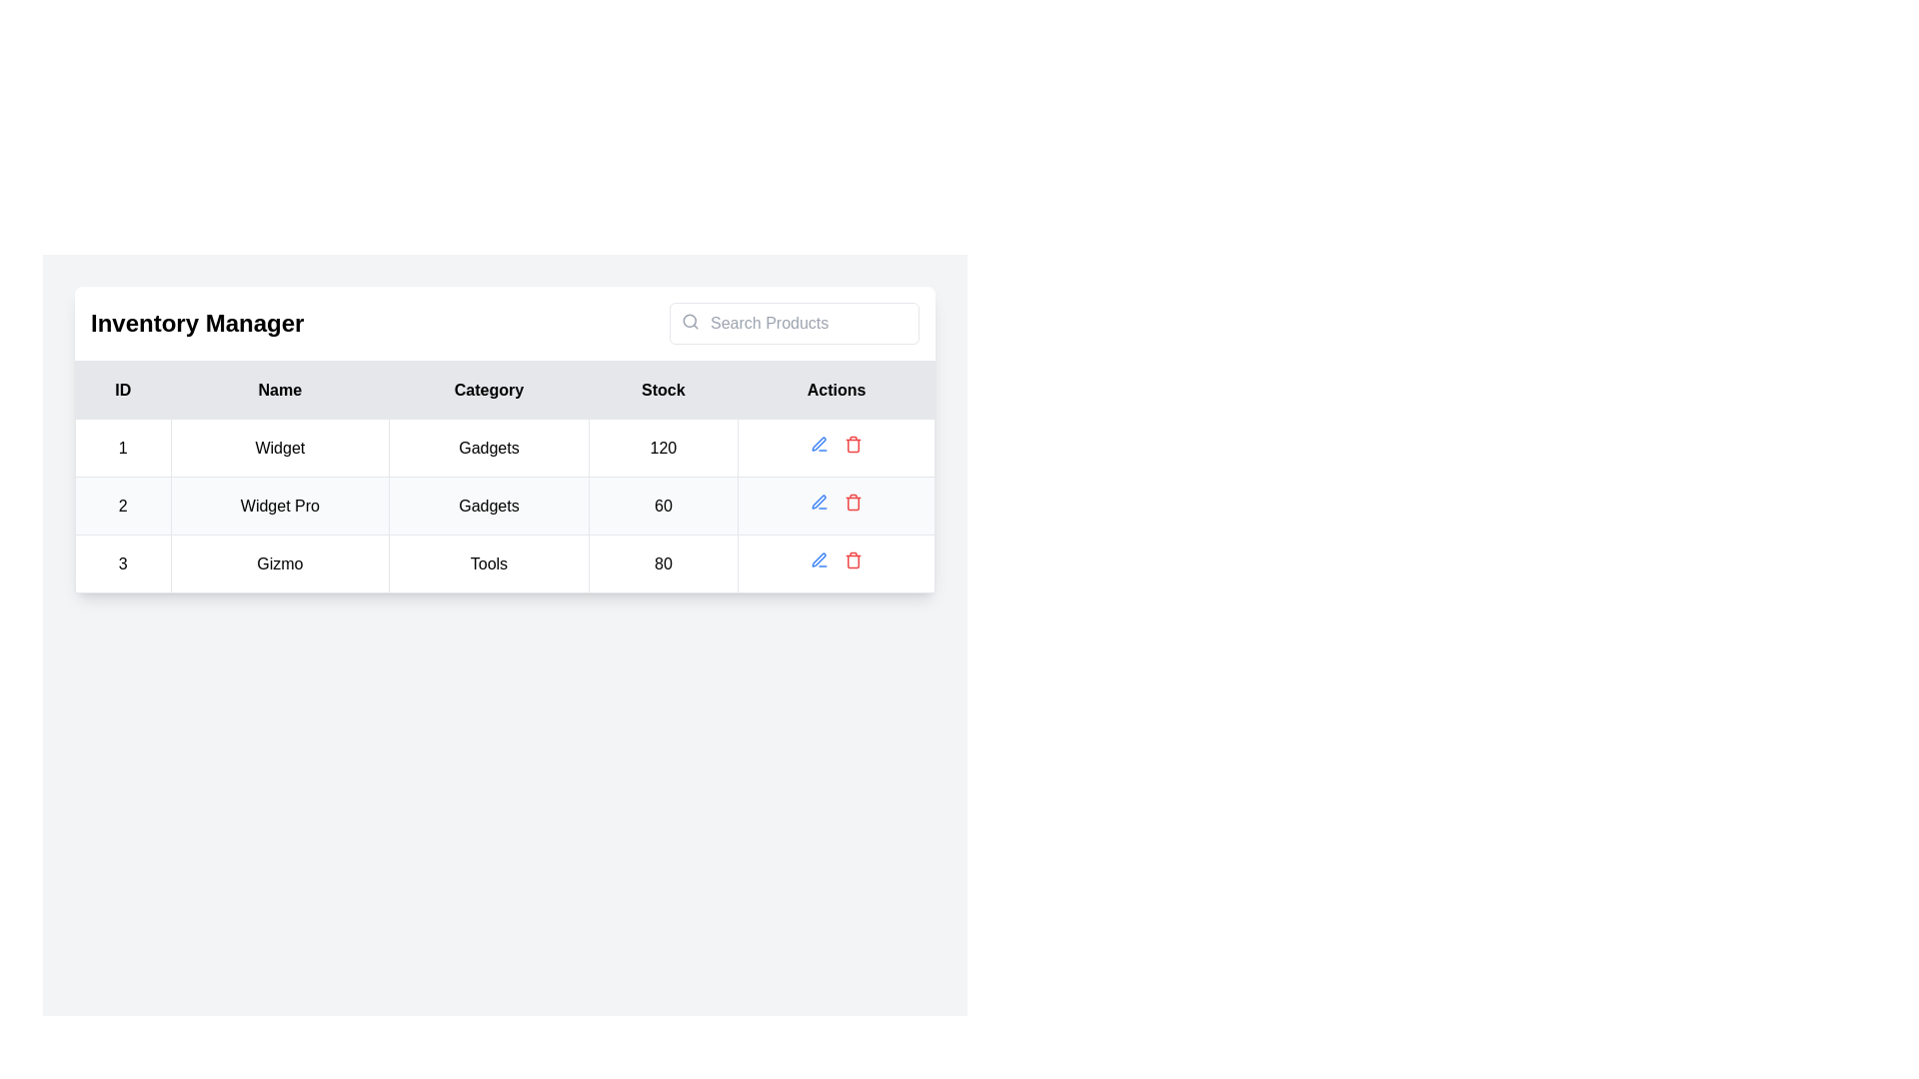 The image size is (1919, 1079). I want to click on text from the Table Cell containing 'Tools' located in the third row under the 'Category' column, so click(505, 563).